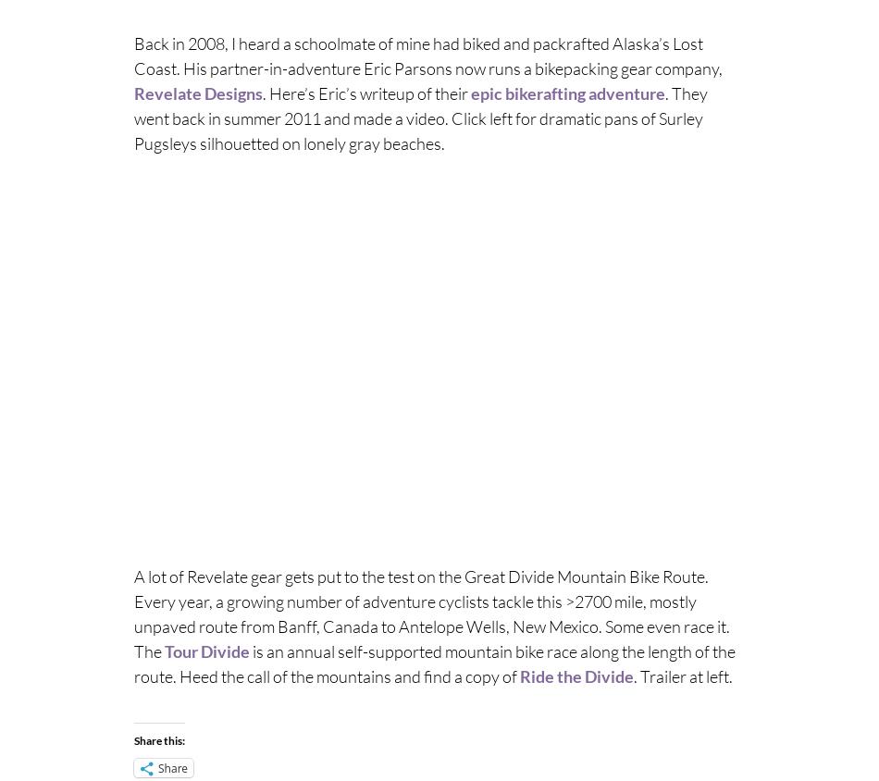 The height and width of the screenshot is (781, 879). I want to click on 'epic bikerafting adventure', so click(567, 93).